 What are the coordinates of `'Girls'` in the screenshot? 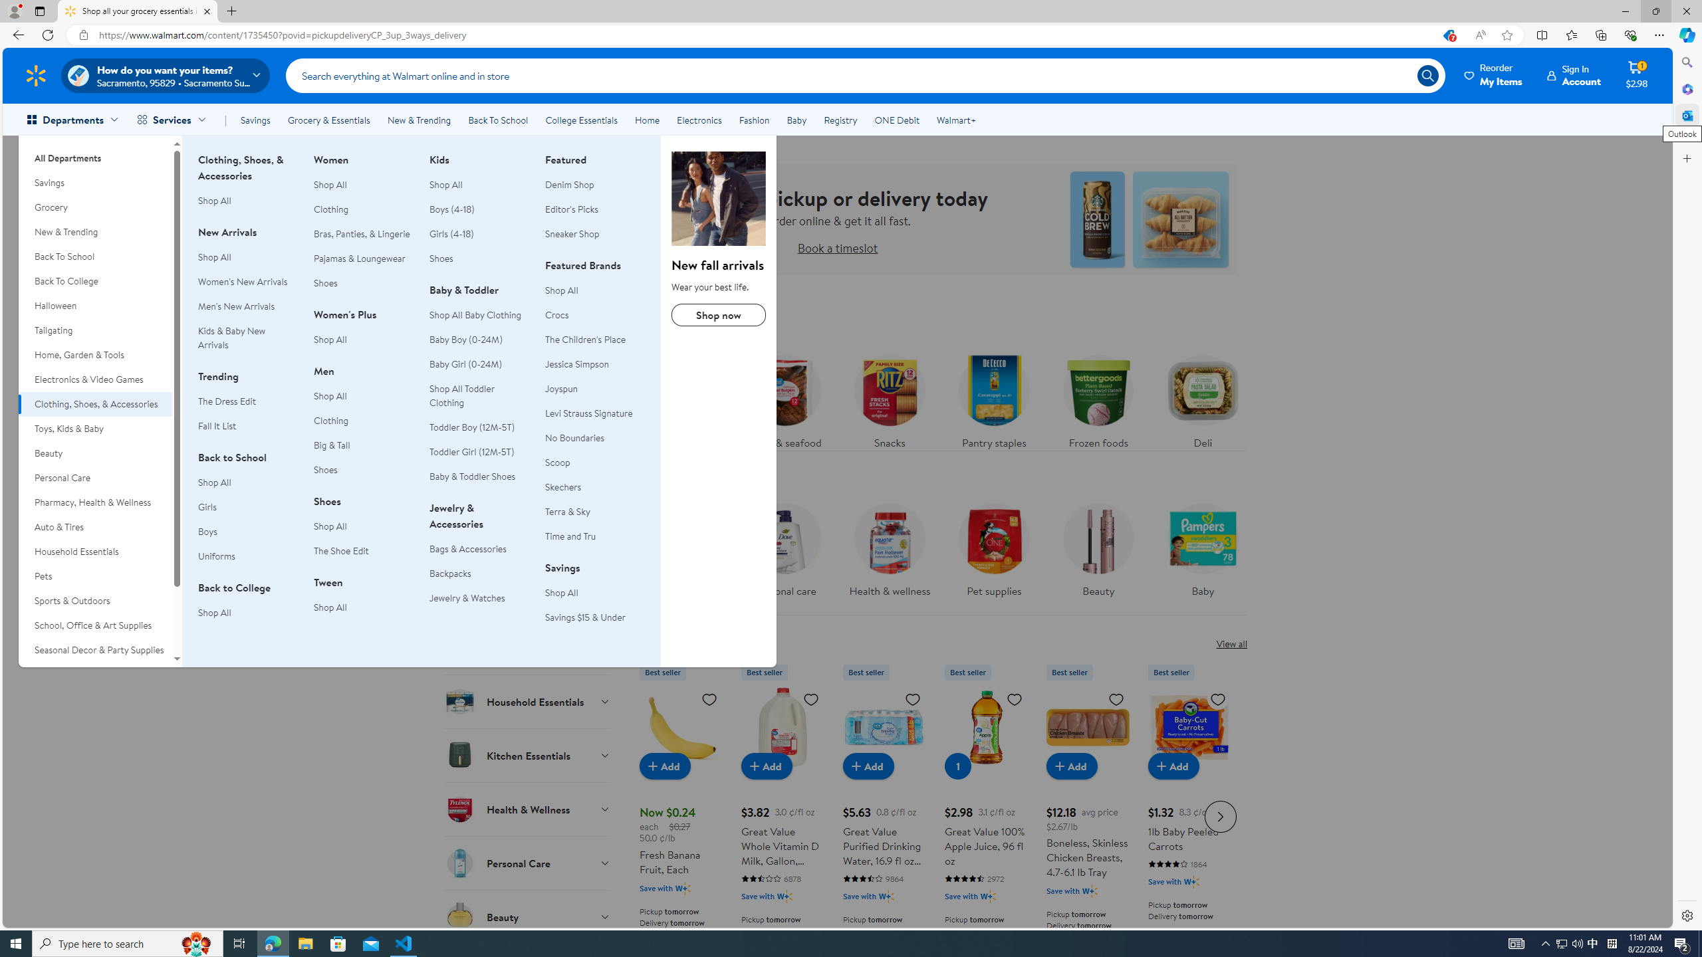 It's located at (247, 506).